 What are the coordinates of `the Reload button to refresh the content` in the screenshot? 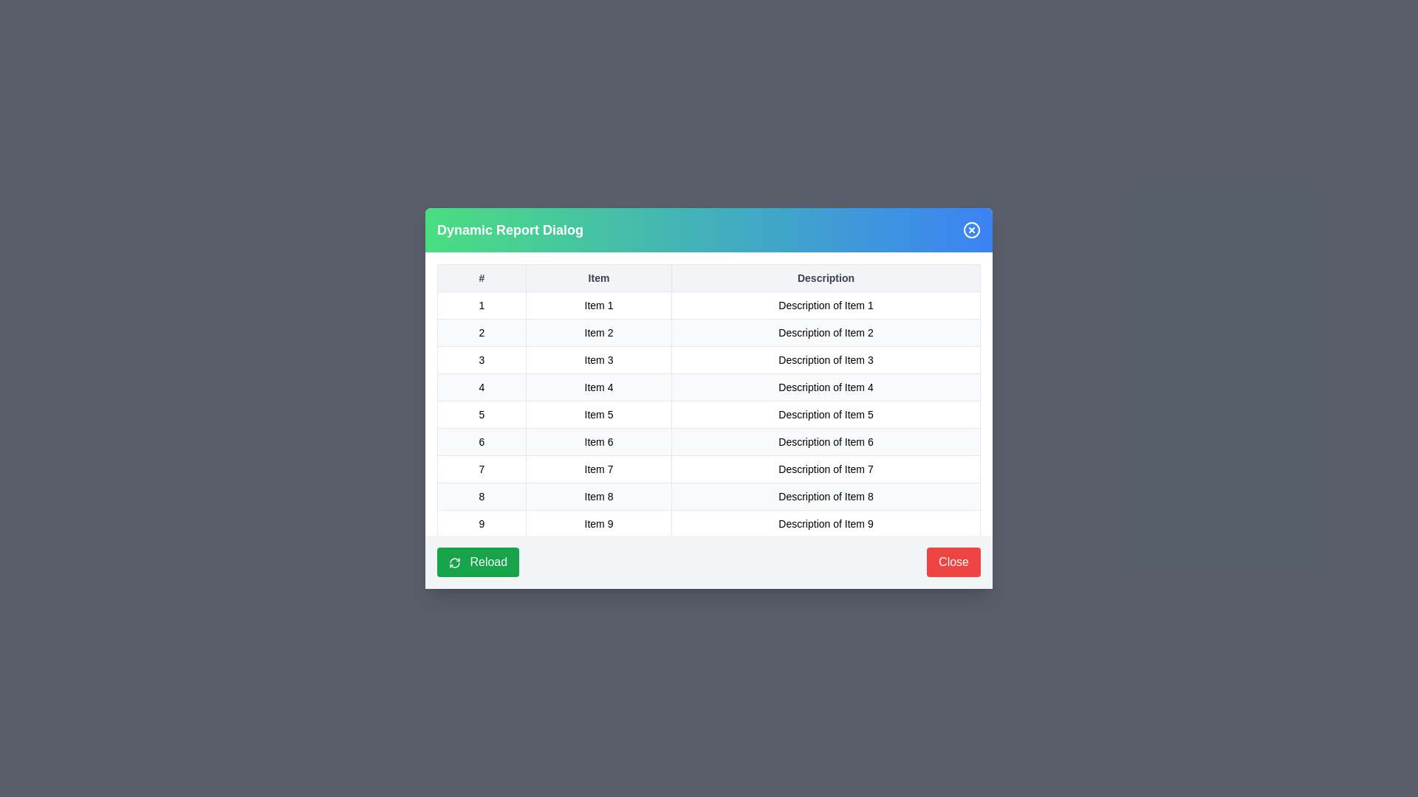 It's located at (478, 562).